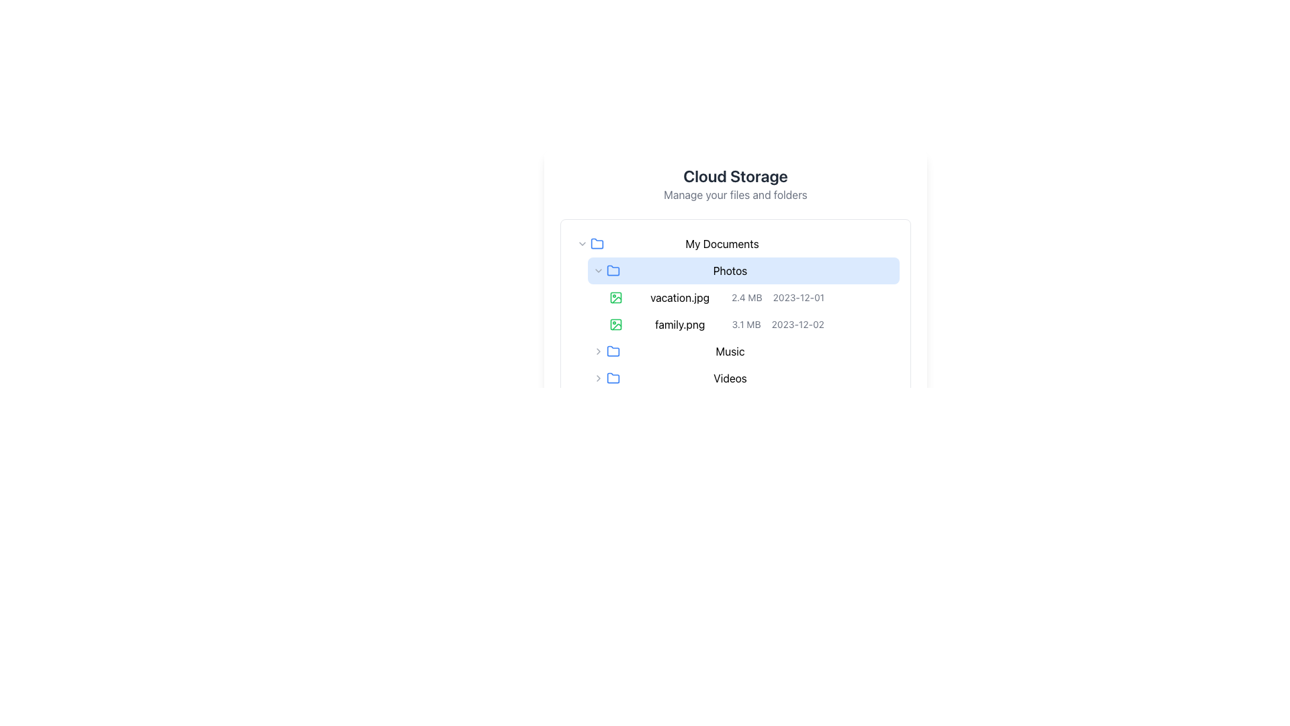  I want to click on the topmost Expandable Folder Item under 'Cloud Storage', so click(734, 243).